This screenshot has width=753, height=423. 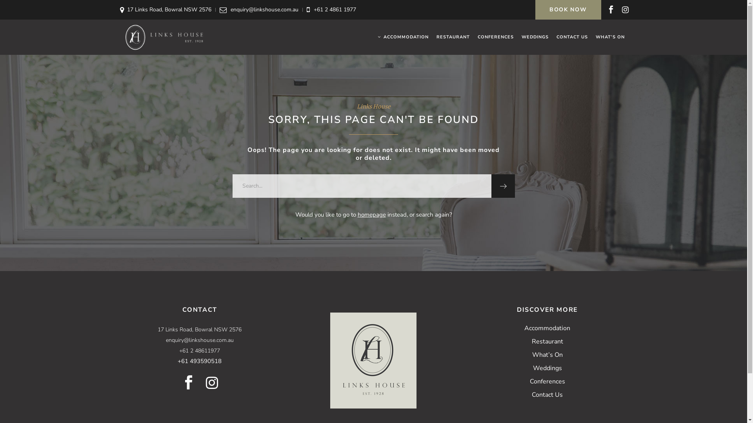 I want to click on 'BOOK NOW', so click(x=535, y=9).